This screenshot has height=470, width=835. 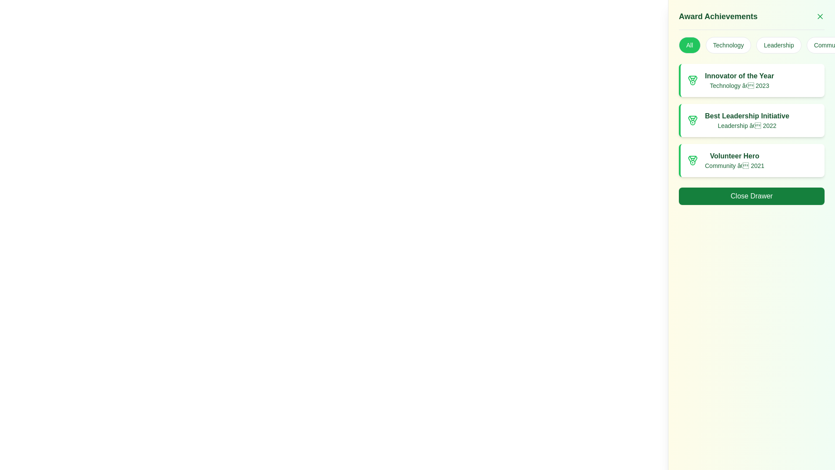 What do you see at coordinates (689, 45) in the screenshot?
I see `the green circular button labeled 'All'` at bounding box center [689, 45].